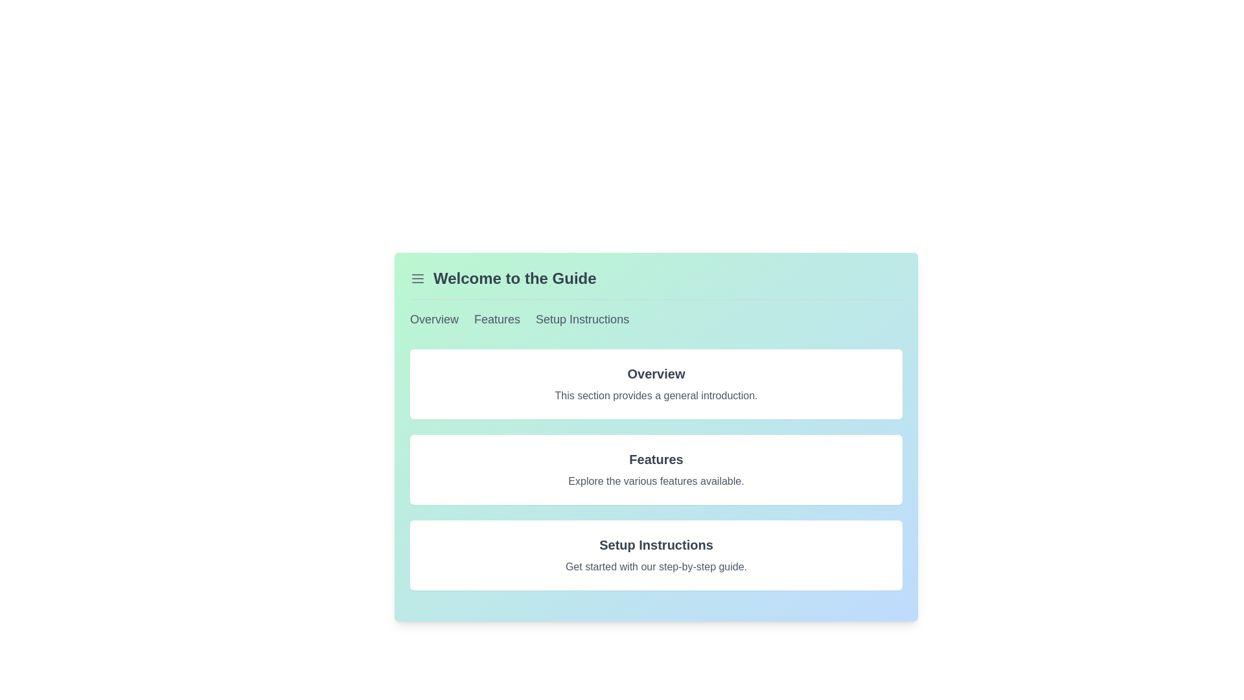  I want to click on the Text label that serves as a section title for setup instructions, located in the bottom section under a white background with rounded borders, so click(656, 544).